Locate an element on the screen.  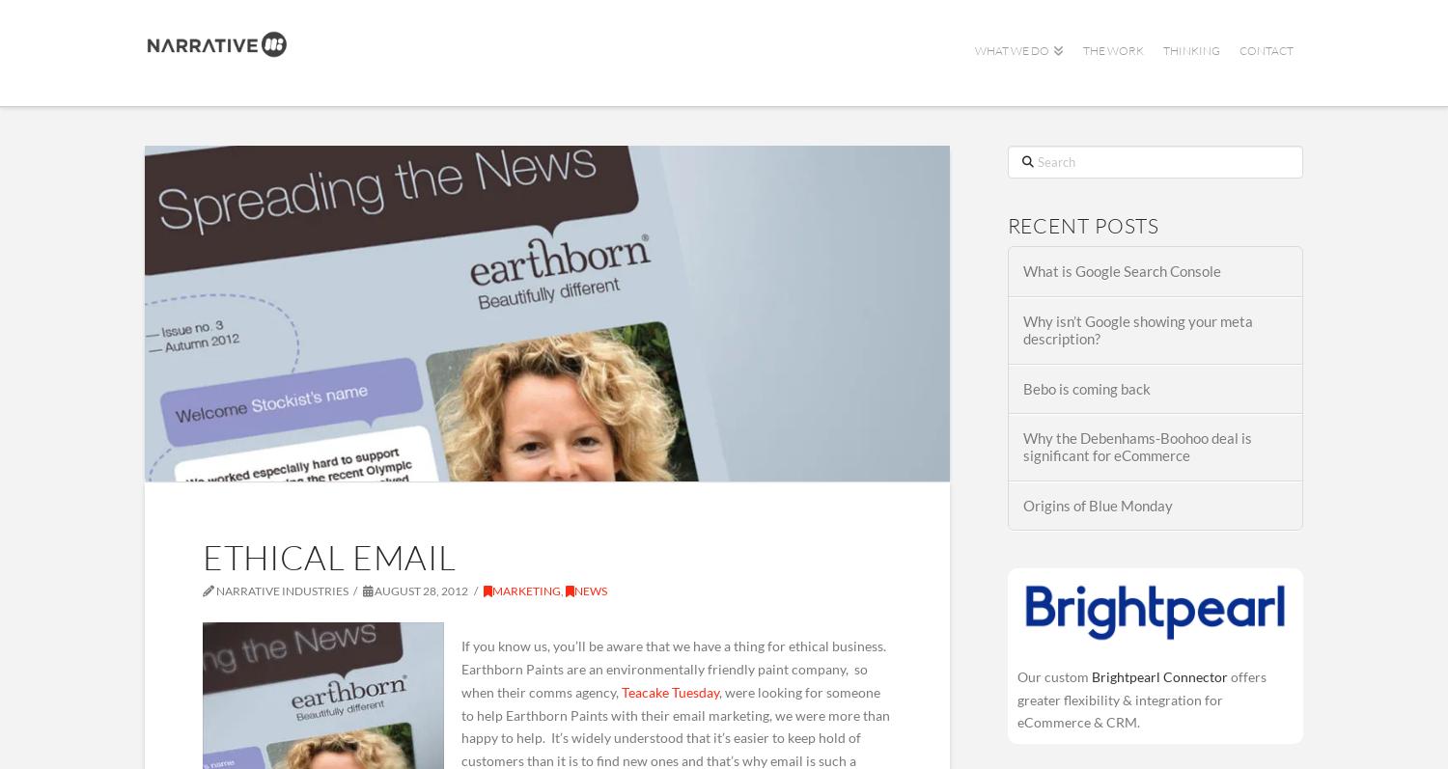
'Marketing' is located at coordinates (525, 590).